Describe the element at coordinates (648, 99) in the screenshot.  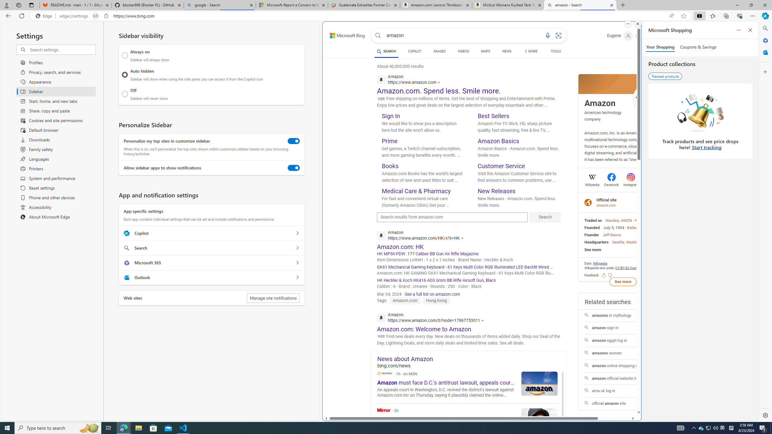
I see `'See more images of Amazon'` at that location.